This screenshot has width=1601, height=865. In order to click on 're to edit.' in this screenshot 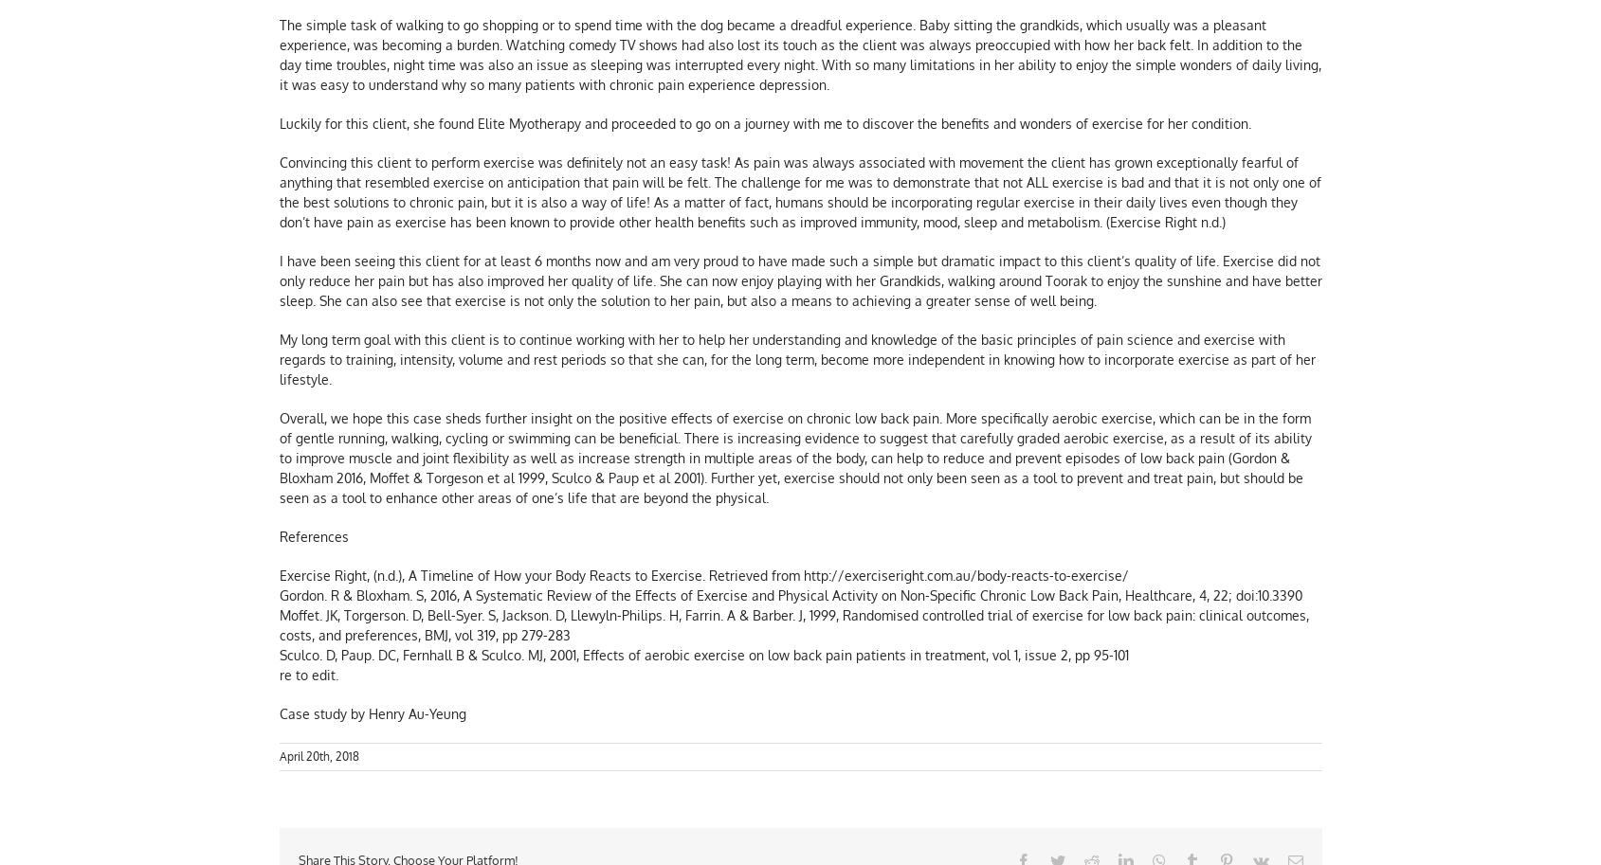, I will do `click(279, 676)`.